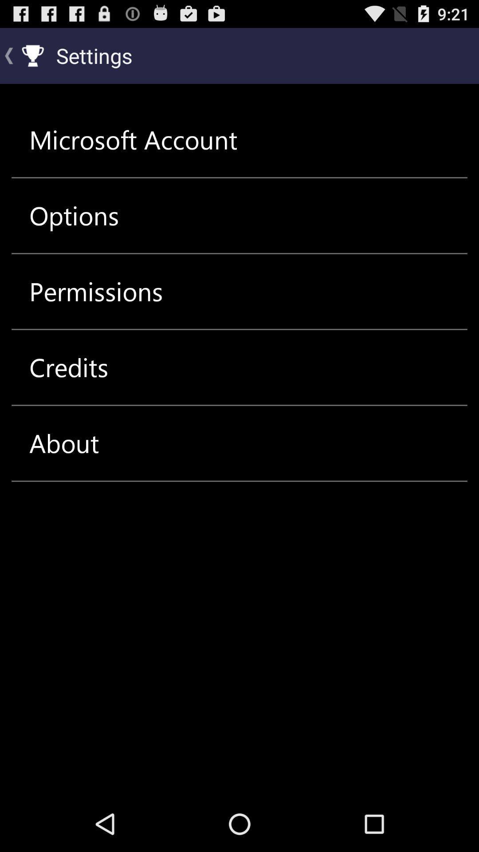  Describe the element at coordinates (74, 215) in the screenshot. I see `options item` at that location.